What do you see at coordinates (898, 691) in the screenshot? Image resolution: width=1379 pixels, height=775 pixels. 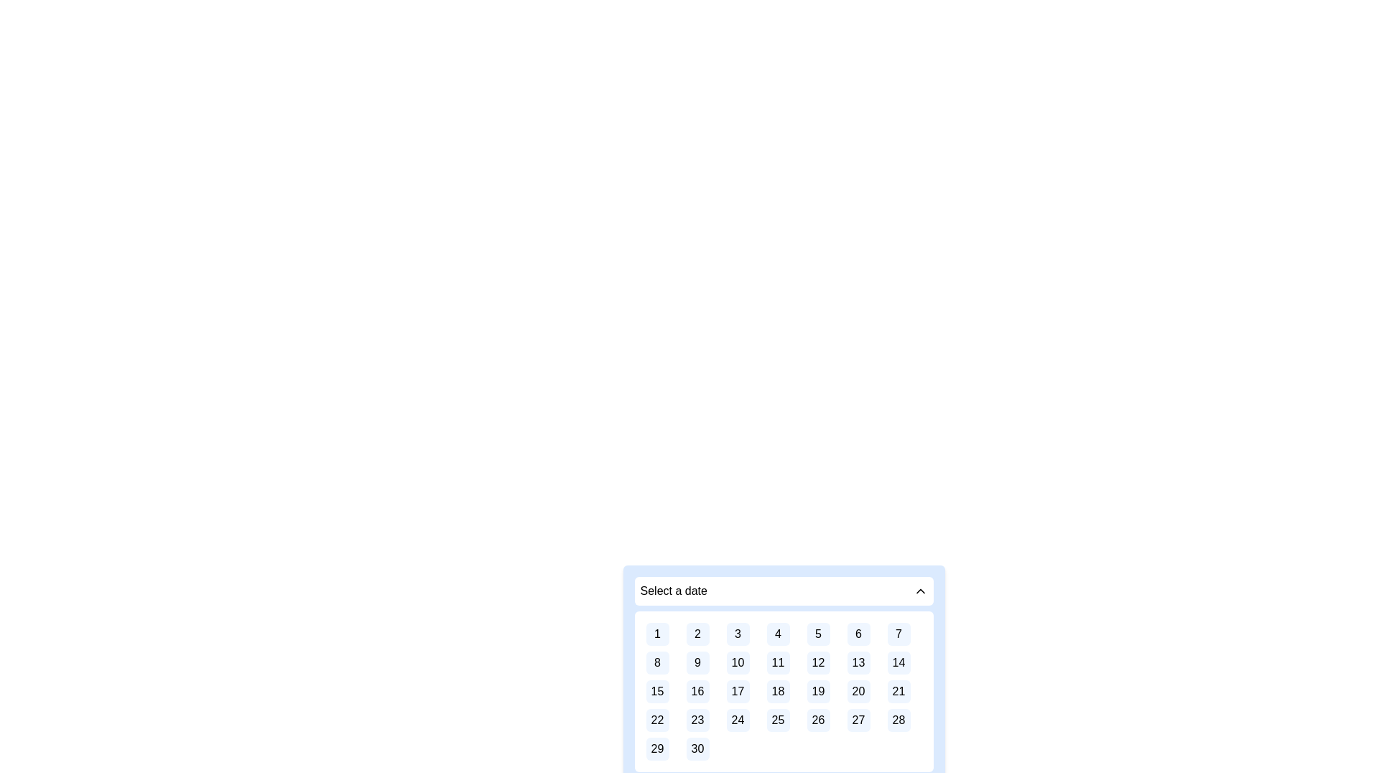 I see `the button displaying the number '21', located in the third row and seventh column of the grid in the date picker component` at bounding box center [898, 691].